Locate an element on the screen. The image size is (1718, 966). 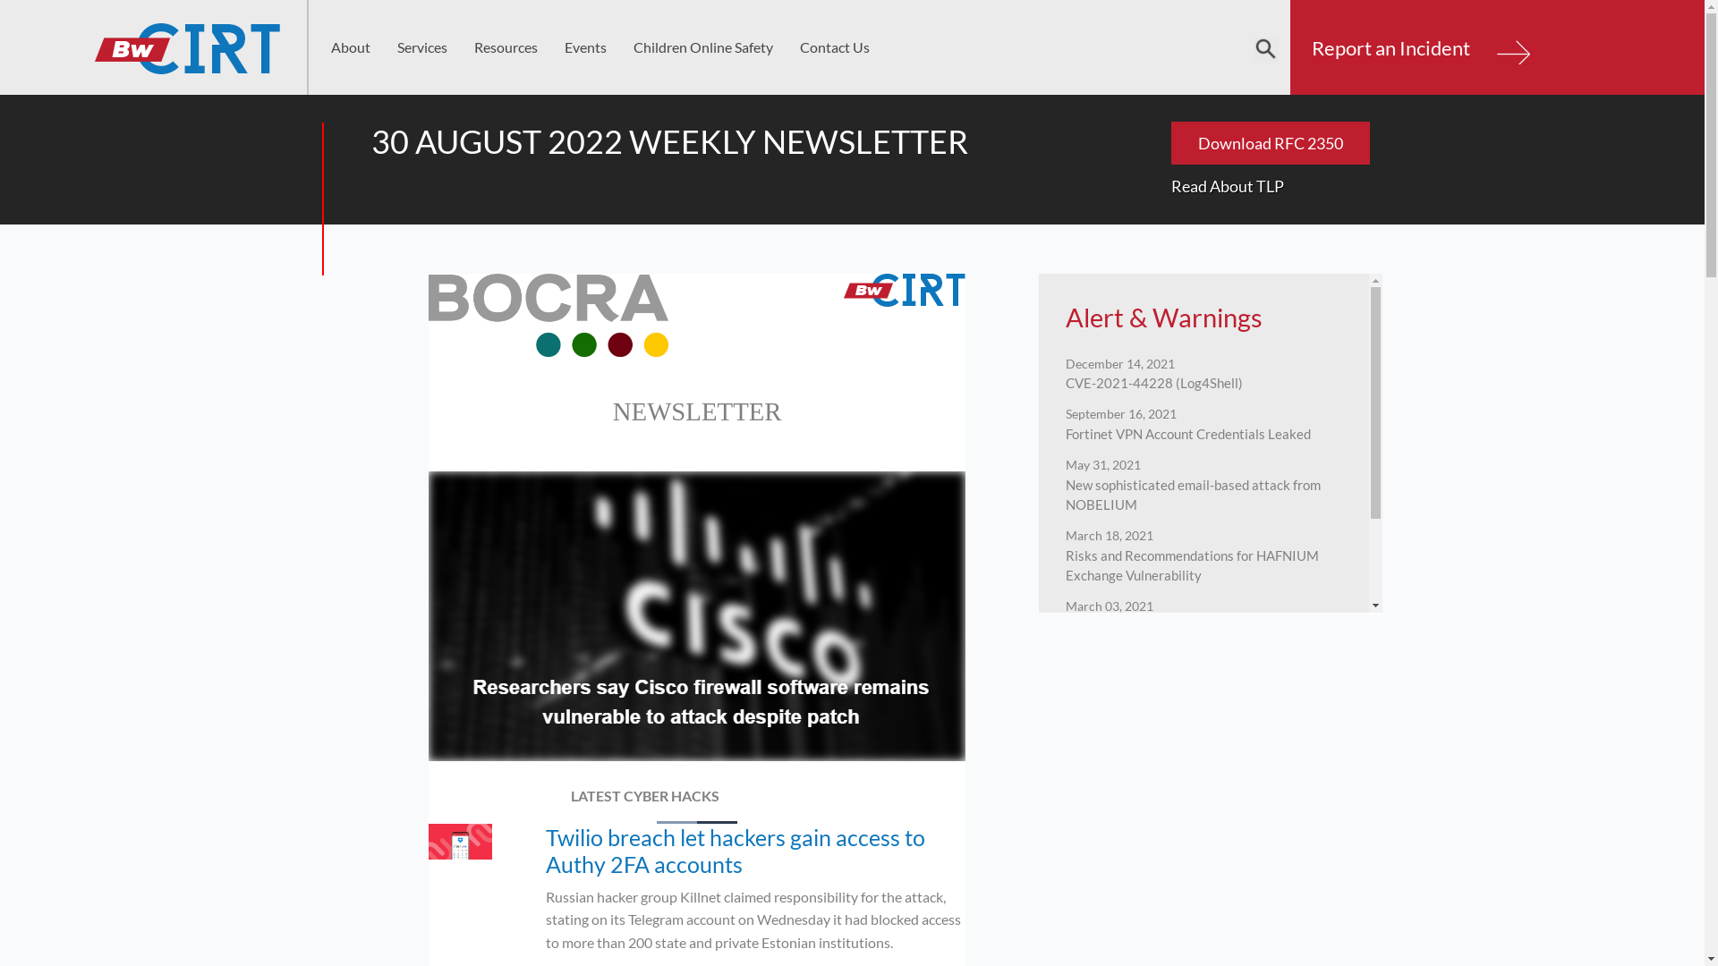
'Services' is located at coordinates (421, 47).